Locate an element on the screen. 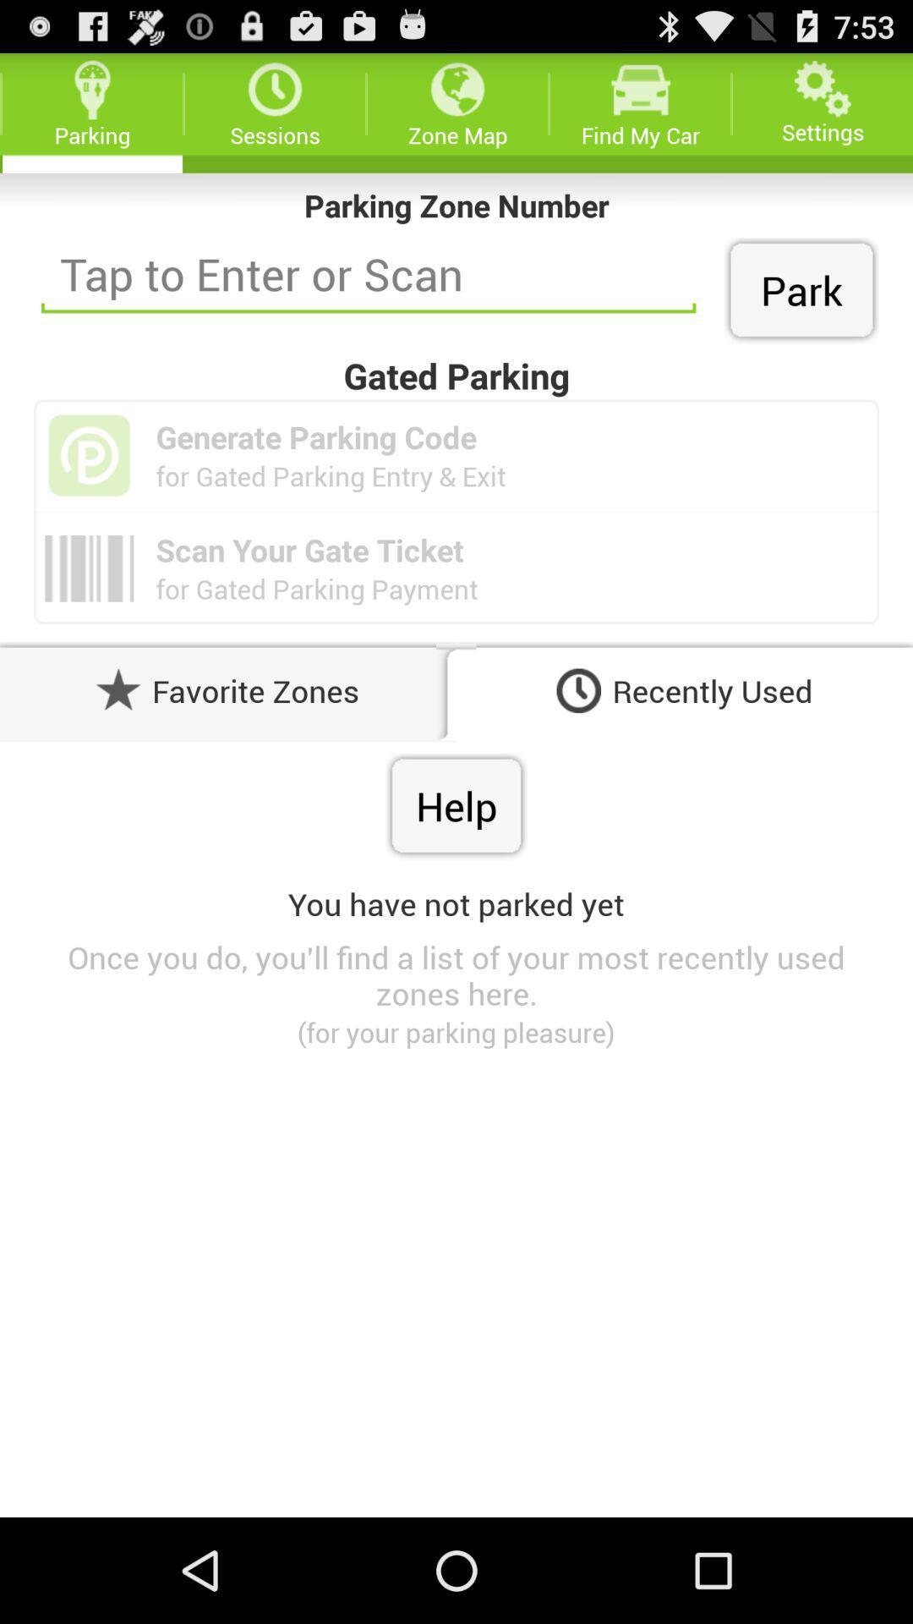 The width and height of the screenshot is (913, 1624). the field which consists of tap to enter or scan is located at coordinates (368, 282).